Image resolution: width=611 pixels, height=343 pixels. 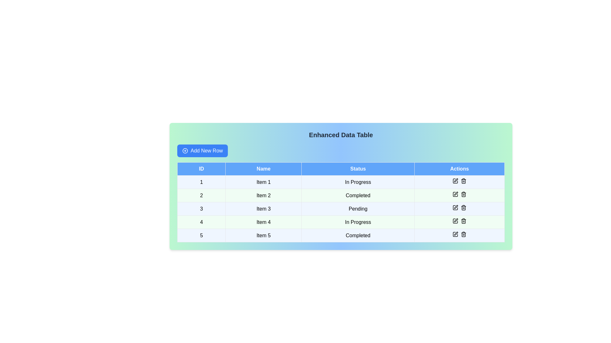 I want to click on the second icon in the last row under the 'Actions' column of the data table to possibly reveal additional information or a tooltip, so click(x=463, y=220).